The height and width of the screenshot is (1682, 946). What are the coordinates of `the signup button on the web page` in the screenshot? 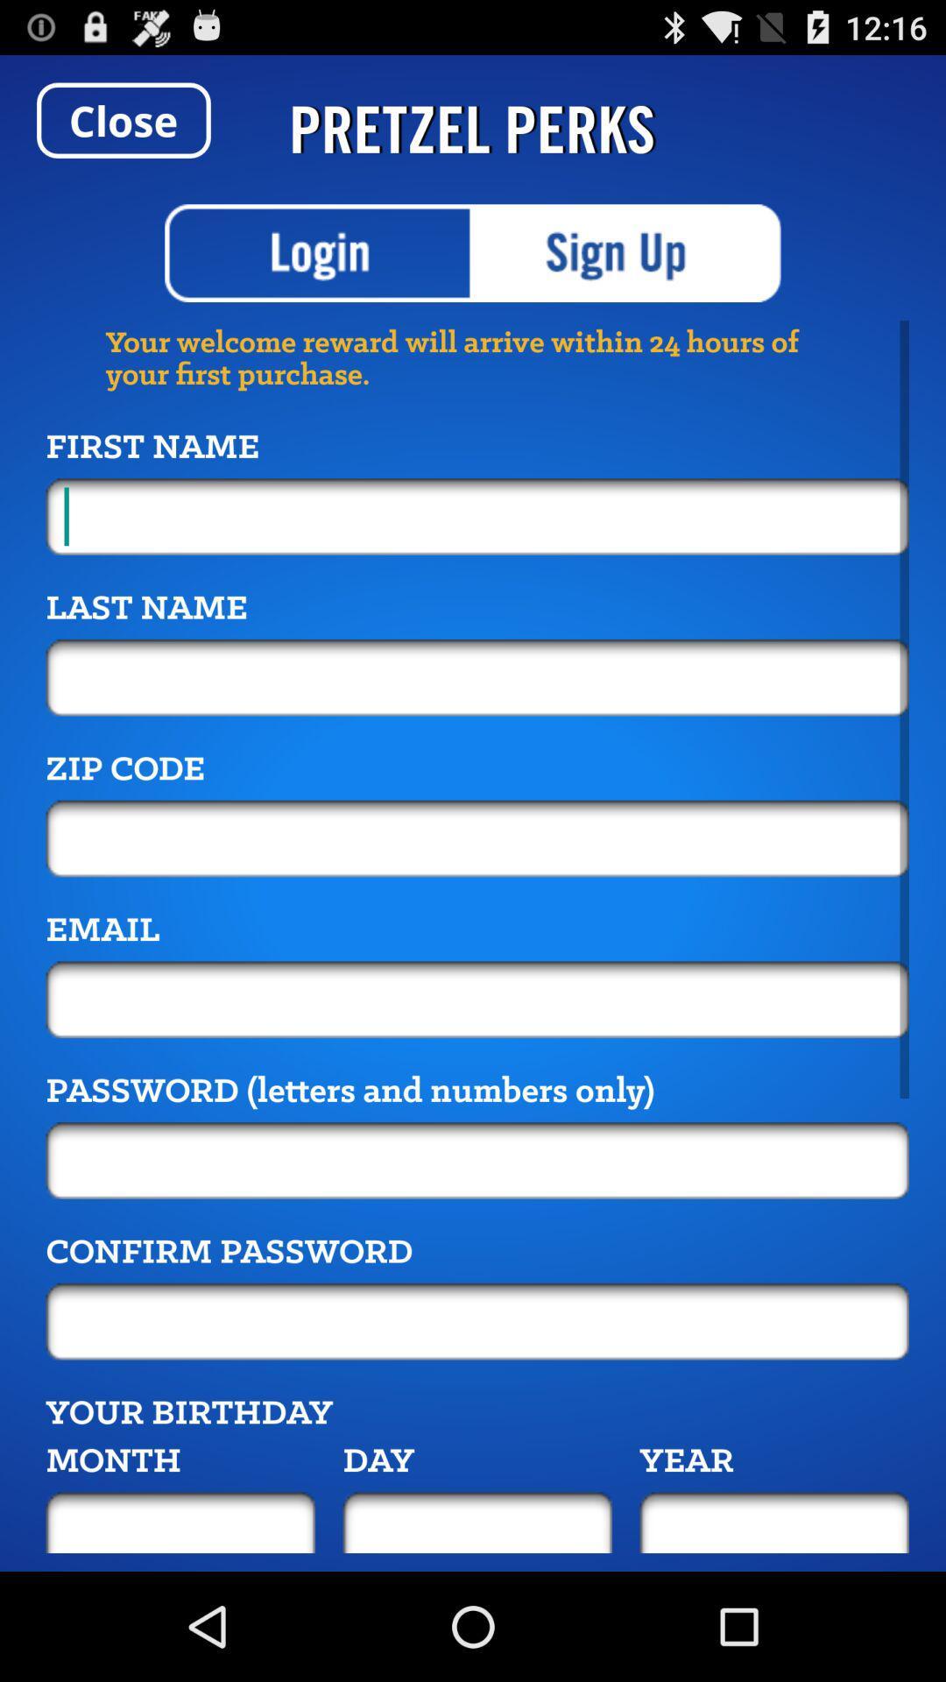 It's located at (627, 251).